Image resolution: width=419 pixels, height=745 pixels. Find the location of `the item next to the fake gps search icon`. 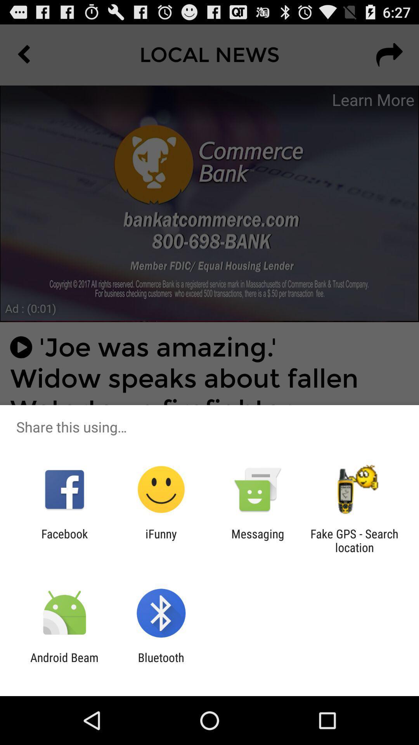

the item next to the fake gps search icon is located at coordinates (258, 540).